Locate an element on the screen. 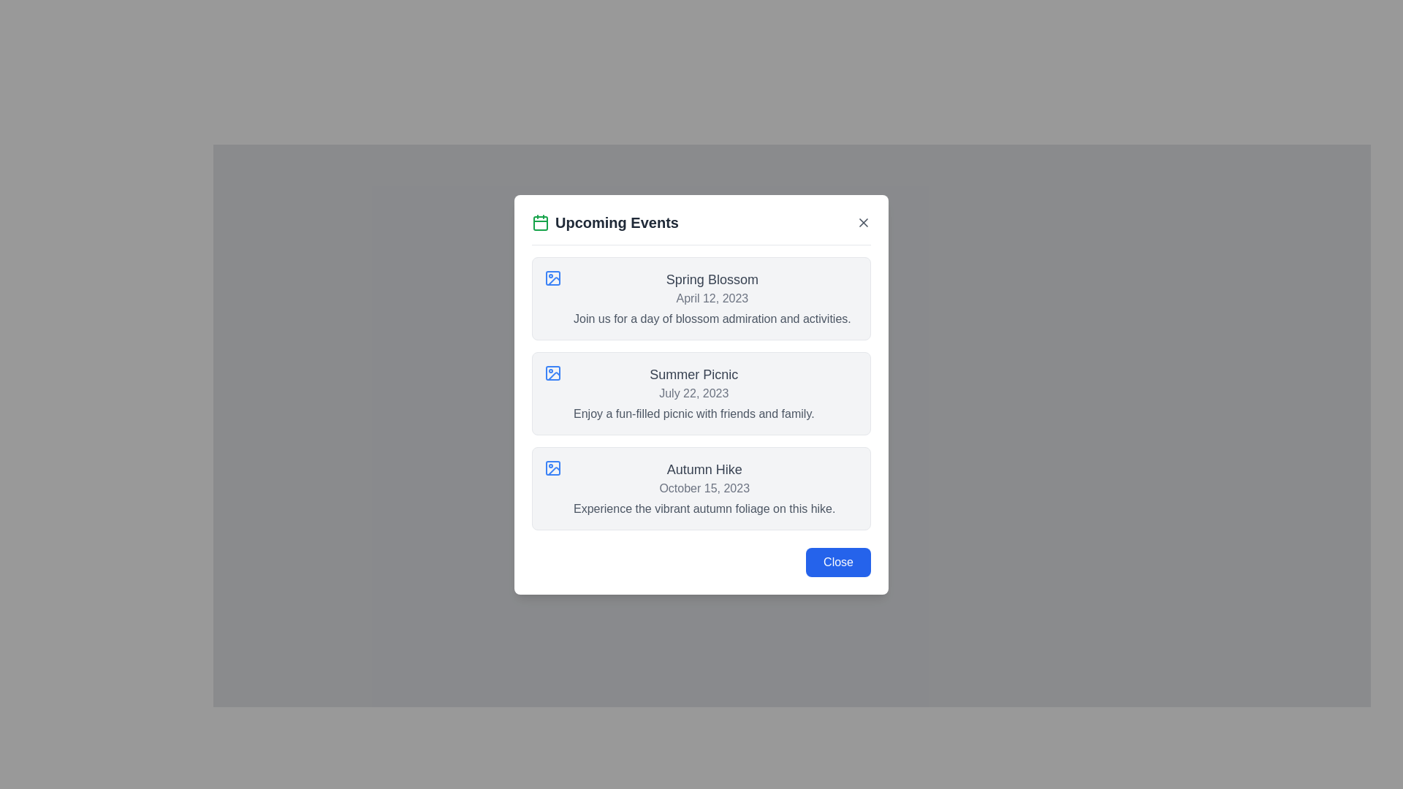  the text element displaying the date 'April 12, 2023', which is styled in light gray and positioned below the heading 'Spring Blossom' is located at coordinates (712, 297).